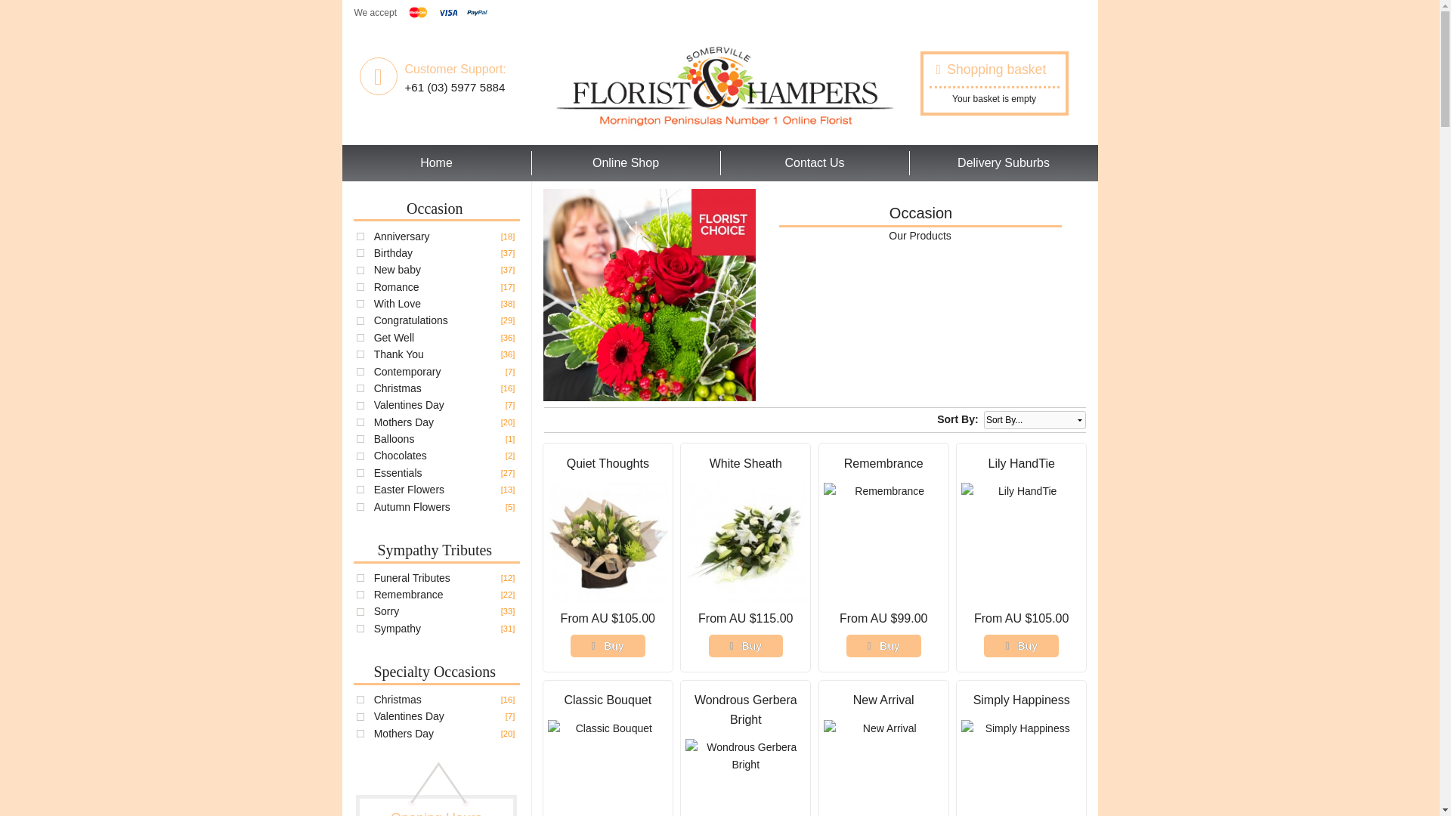 The image size is (1451, 816). Describe the element at coordinates (373, 422) in the screenshot. I see `'Mothers Day` at that location.